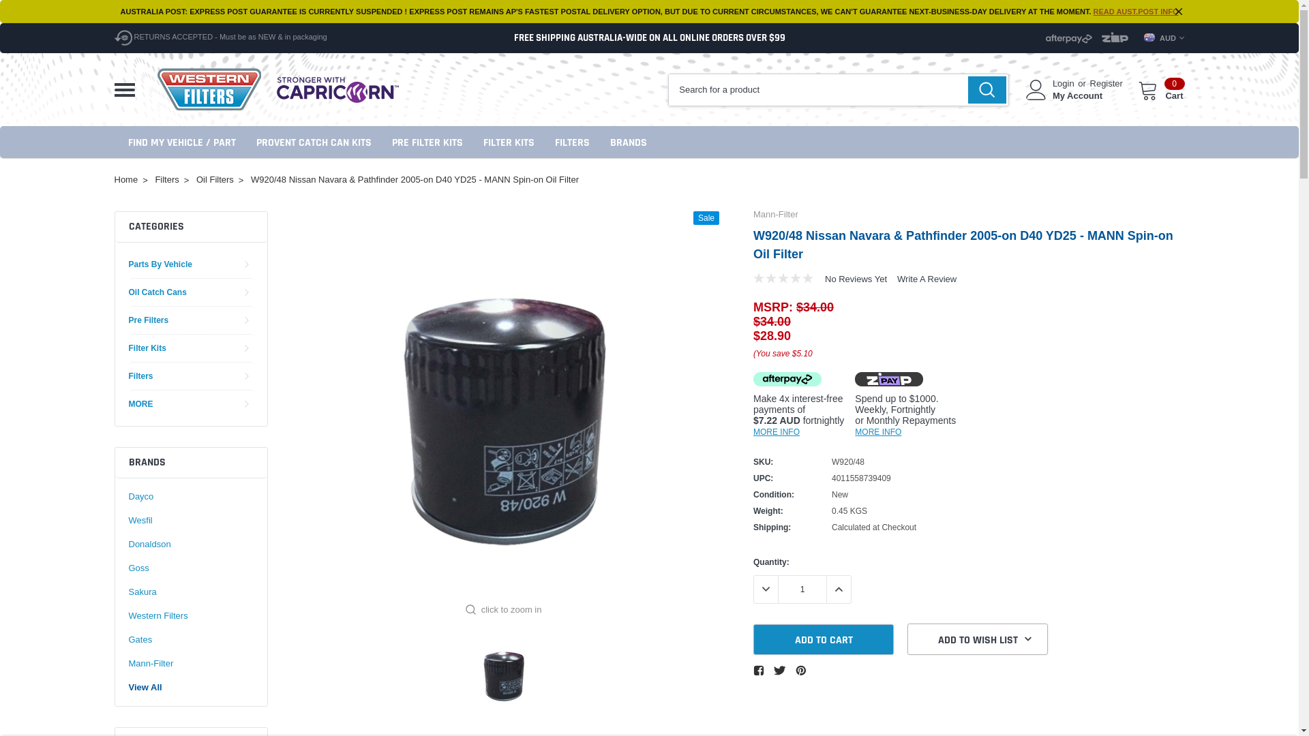 This screenshot has height=736, width=1309. Describe the element at coordinates (138, 568) in the screenshot. I see `'Goss'` at that location.